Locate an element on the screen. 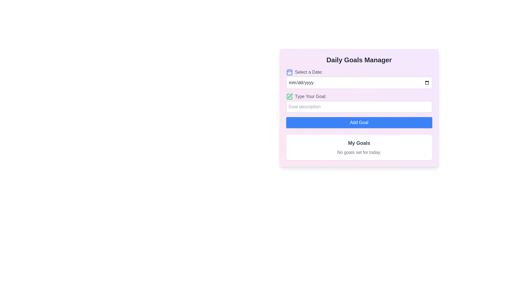 Image resolution: width=531 pixels, height=299 pixels. informational text label displaying 'No goals set for today.' located beneath the 'My Goals' section is located at coordinates (359, 153).